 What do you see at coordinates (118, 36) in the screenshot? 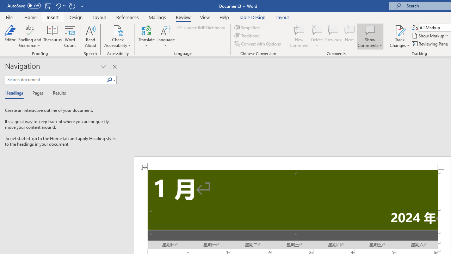
I see `'Check Accessibility'` at bounding box center [118, 36].